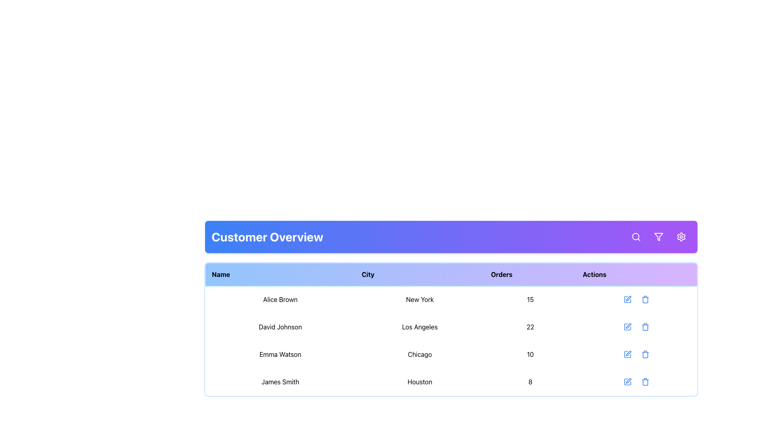 This screenshot has height=436, width=775. What do you see at coordinates (628, 325) in the screenshot?
I see `the edit icon located in the actions column of the second row of the table, aligned with the order details of 'David Johnson'` at bounding box center [628, 325].